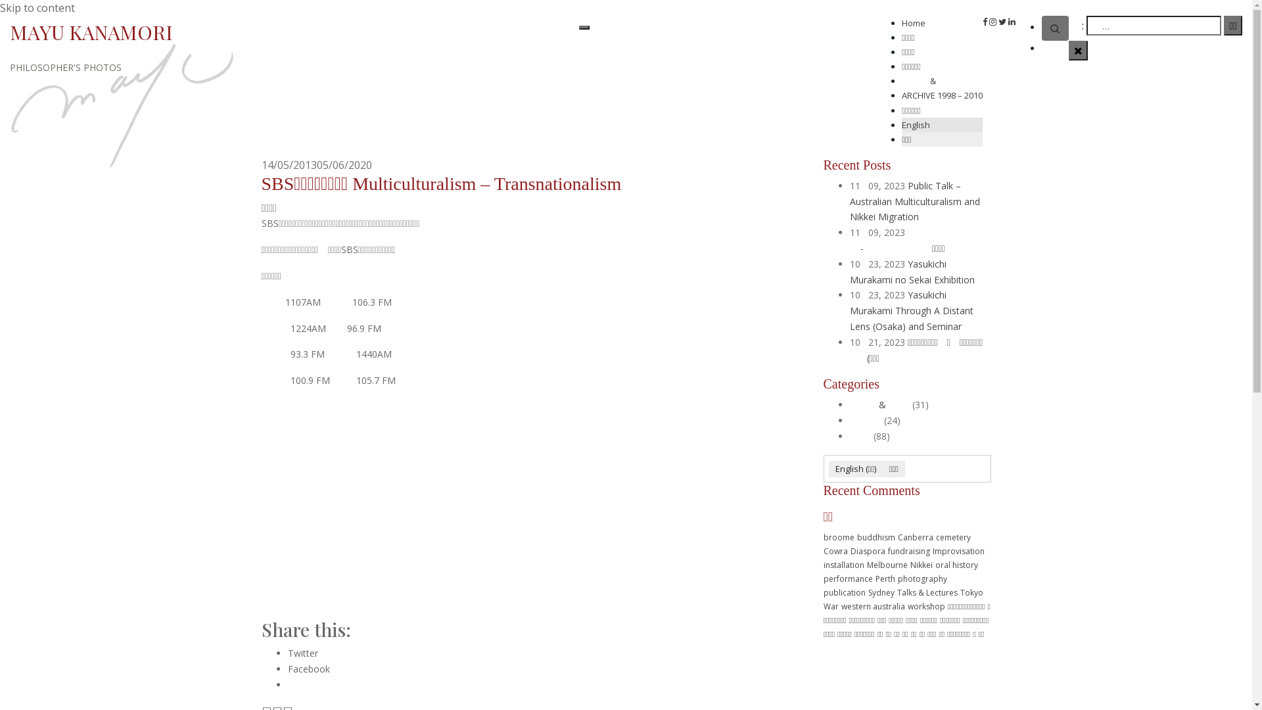 The height and width of the screenshot is (710, 1262). I want to click on 'Twitter', so click(302, 653).